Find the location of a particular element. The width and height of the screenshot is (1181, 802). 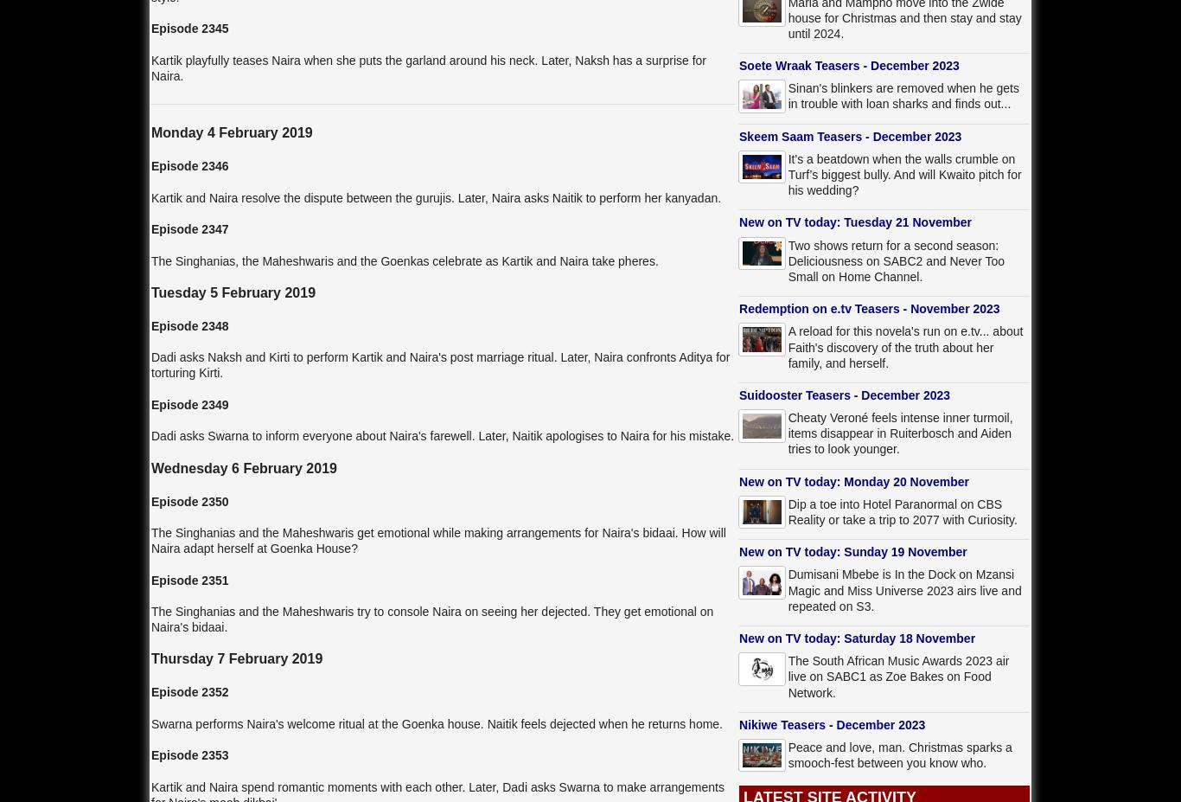

'Kartik and Naira resolve the dispute between the gurujis. Later, Naira asks Naitik to perform her kanyadan.' is located at coordinates (150, 197).